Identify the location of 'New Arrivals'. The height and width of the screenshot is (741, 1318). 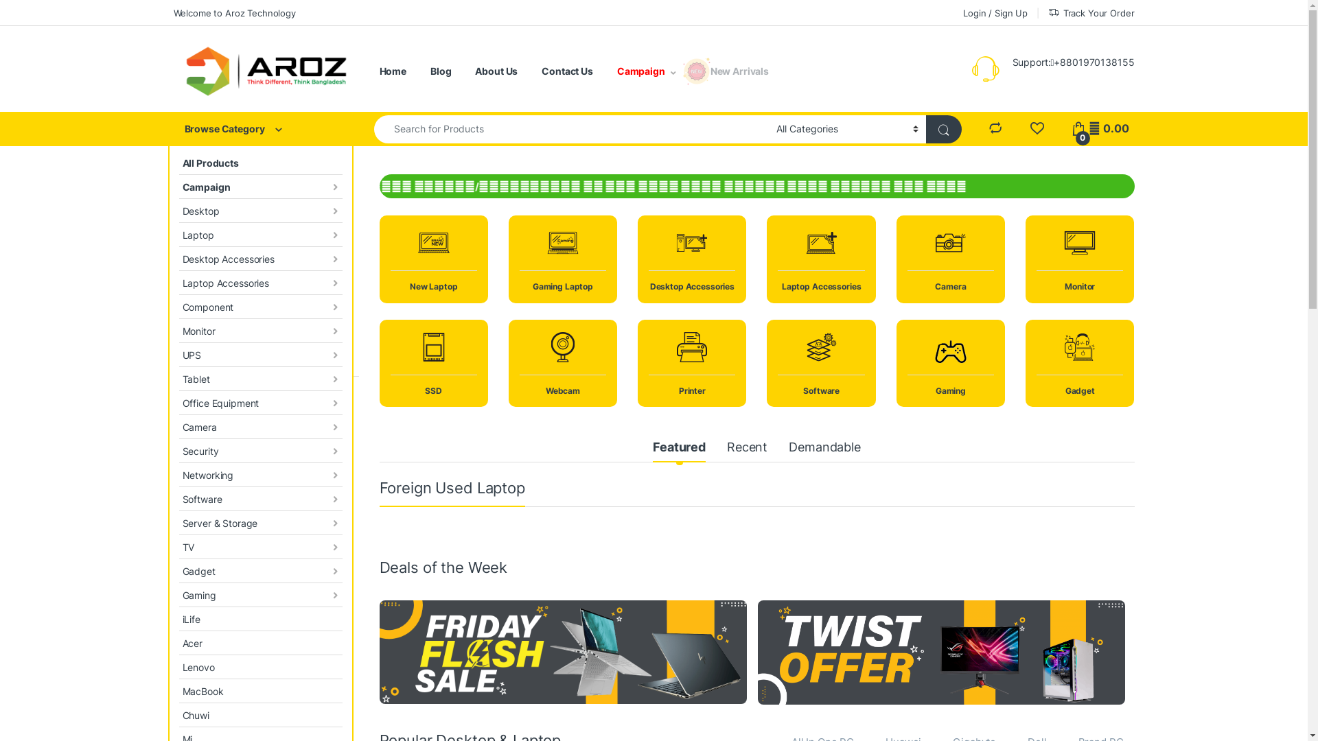
(739, 71).